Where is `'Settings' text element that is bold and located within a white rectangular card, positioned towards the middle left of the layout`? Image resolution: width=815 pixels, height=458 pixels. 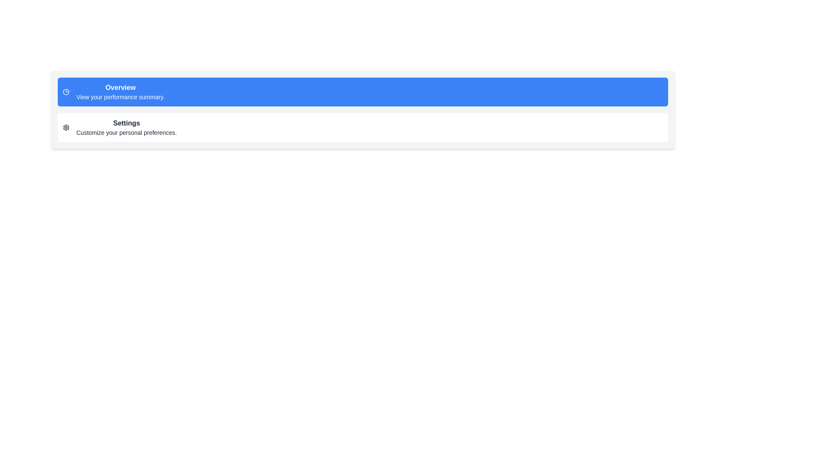 'Settings' text element that is bold and located within a white rectangular card, positioned towards the middle left of the layout is located at coordinates (126, 127).